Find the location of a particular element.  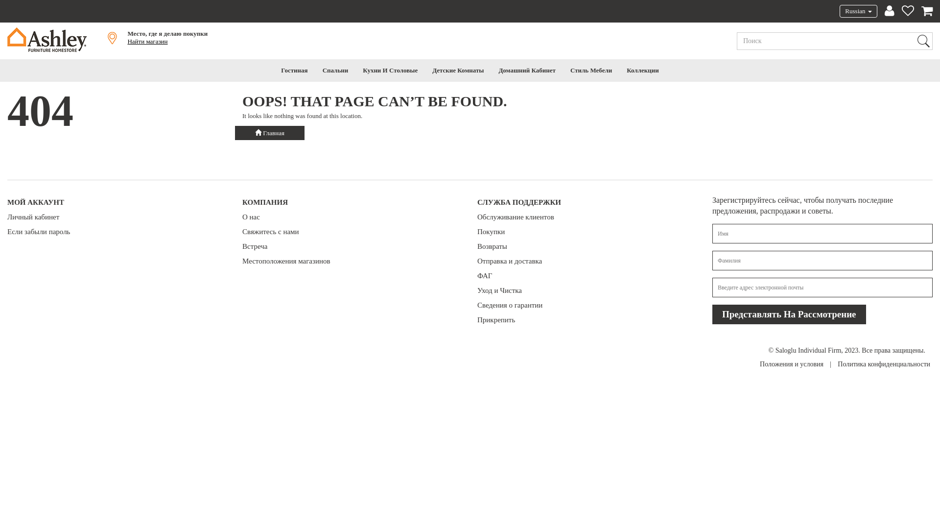

'Russian' is located at coordinates (857, 11).